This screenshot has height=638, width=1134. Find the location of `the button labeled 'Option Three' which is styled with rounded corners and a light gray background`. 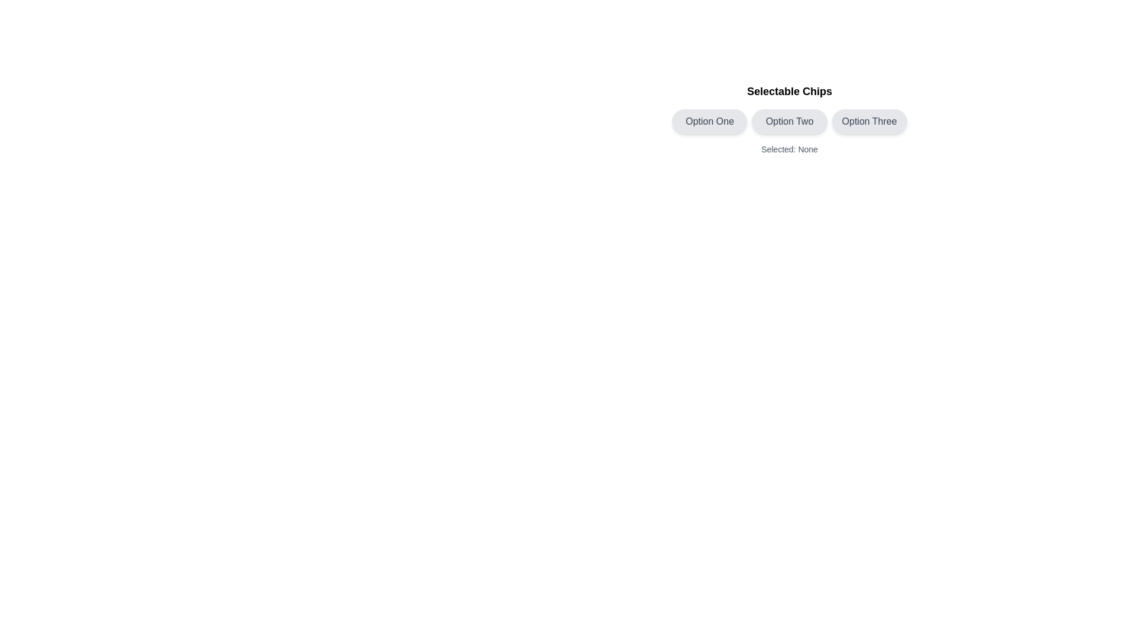

the button labeled 'Option Three' which is styled with rounded corners and a light gray background is located at coordinates (869, 121).